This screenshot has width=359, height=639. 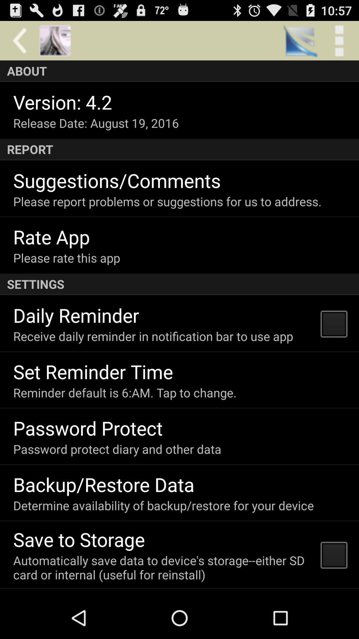 I want to click on the settings item, so click(x=179, y=284).